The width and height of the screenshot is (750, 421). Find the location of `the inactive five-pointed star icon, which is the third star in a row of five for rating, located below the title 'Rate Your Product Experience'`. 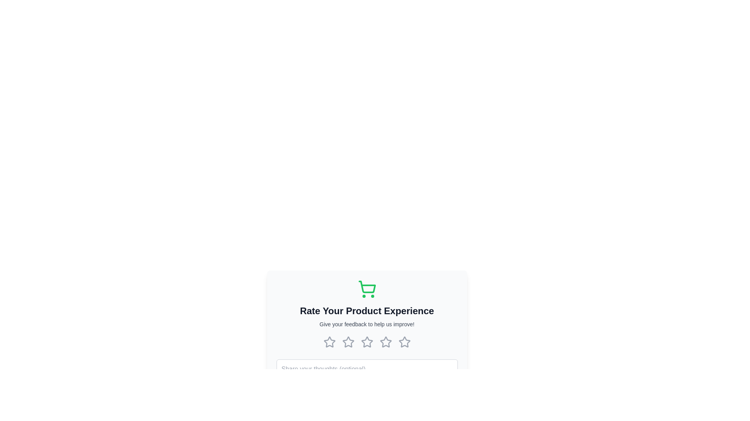

the inactive five-pointed star icon, which is the third star in a row of five for rating, located below the title 'Rate Your Product Experience' is located at coordinates (366, 341).